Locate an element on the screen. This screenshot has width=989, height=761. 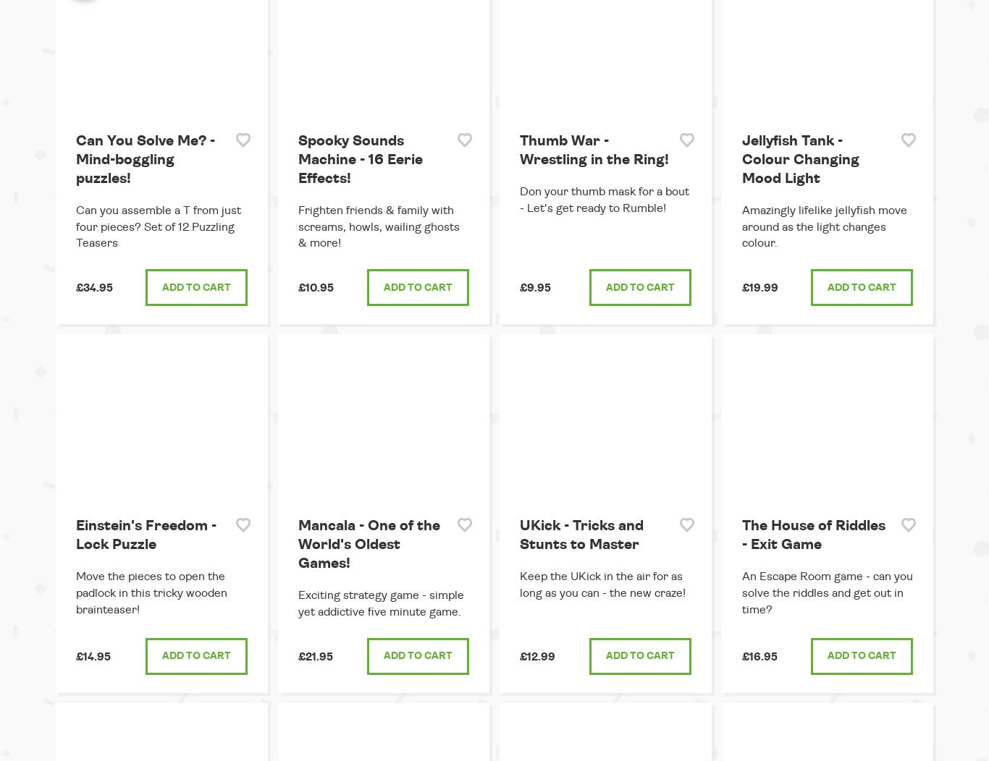
'An Escape Room game - can you solve the riddles and get out in time?' is located at coordinates (826, 592).